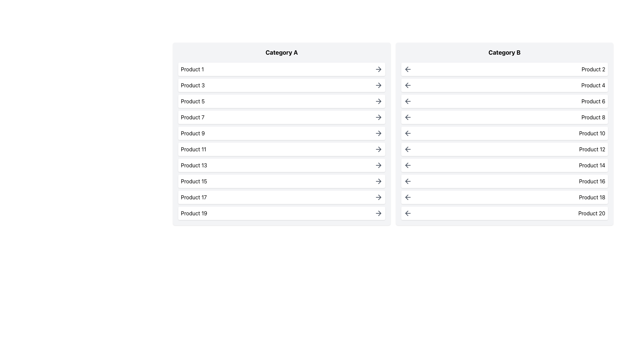 This screenshot has height=360, width=641. Describe the element at coordinates (281, 133) in the screenshot. I see `the card labeled 'Product 9'` at that location.